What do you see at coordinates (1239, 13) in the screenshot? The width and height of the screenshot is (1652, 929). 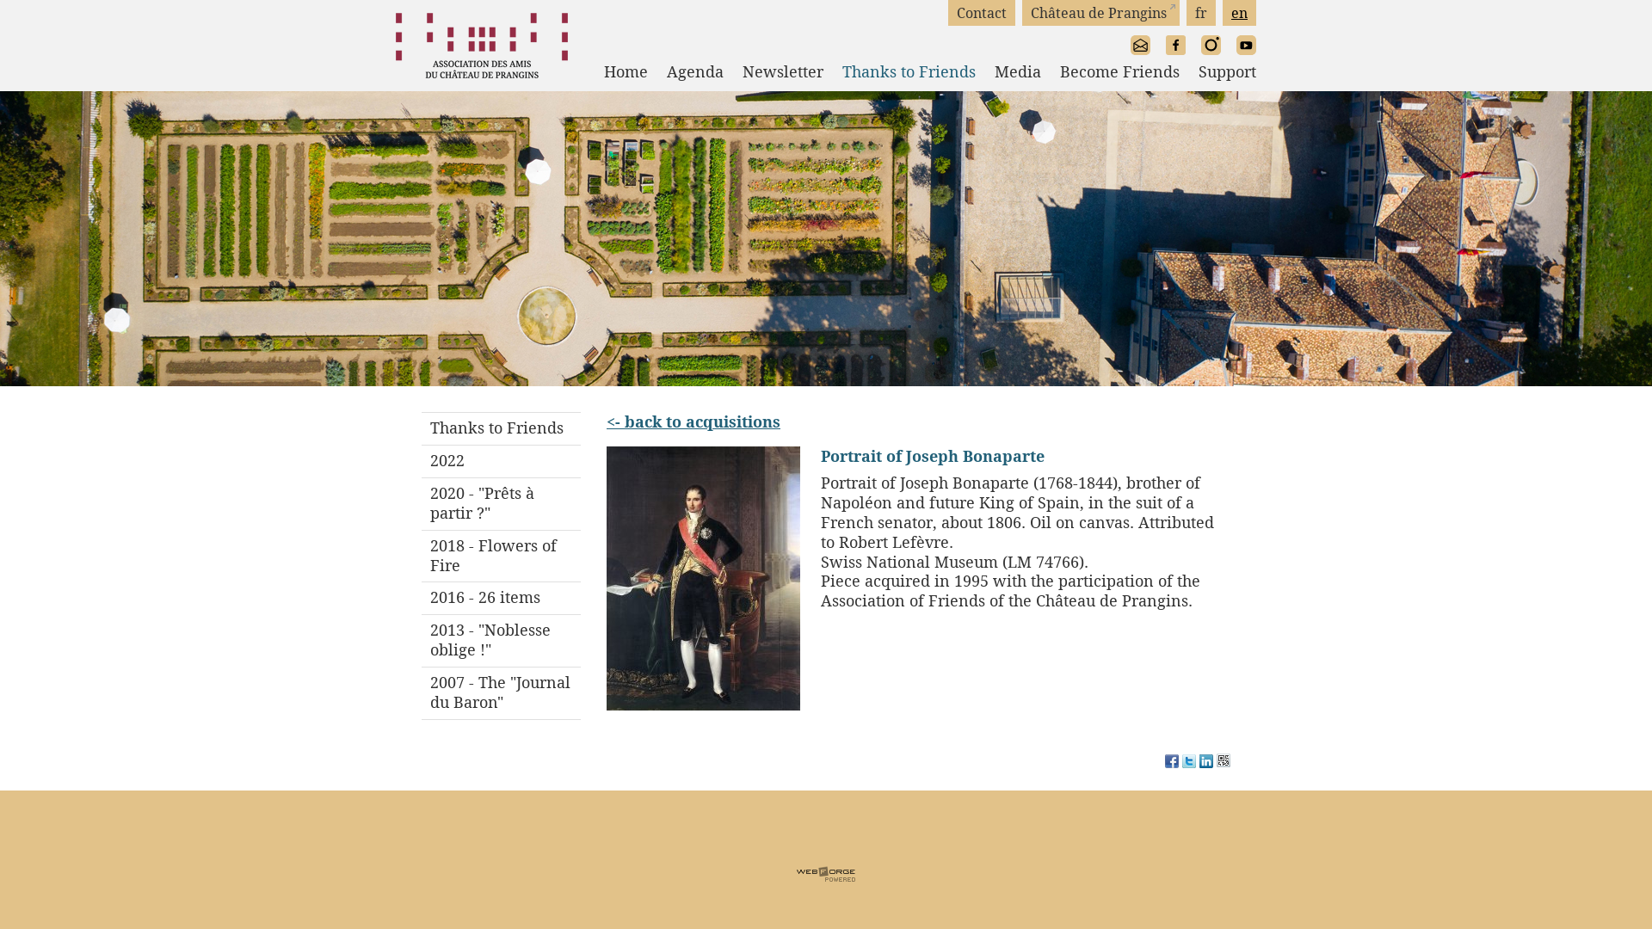 I see `'en'` at bounding box center [1239, 13].